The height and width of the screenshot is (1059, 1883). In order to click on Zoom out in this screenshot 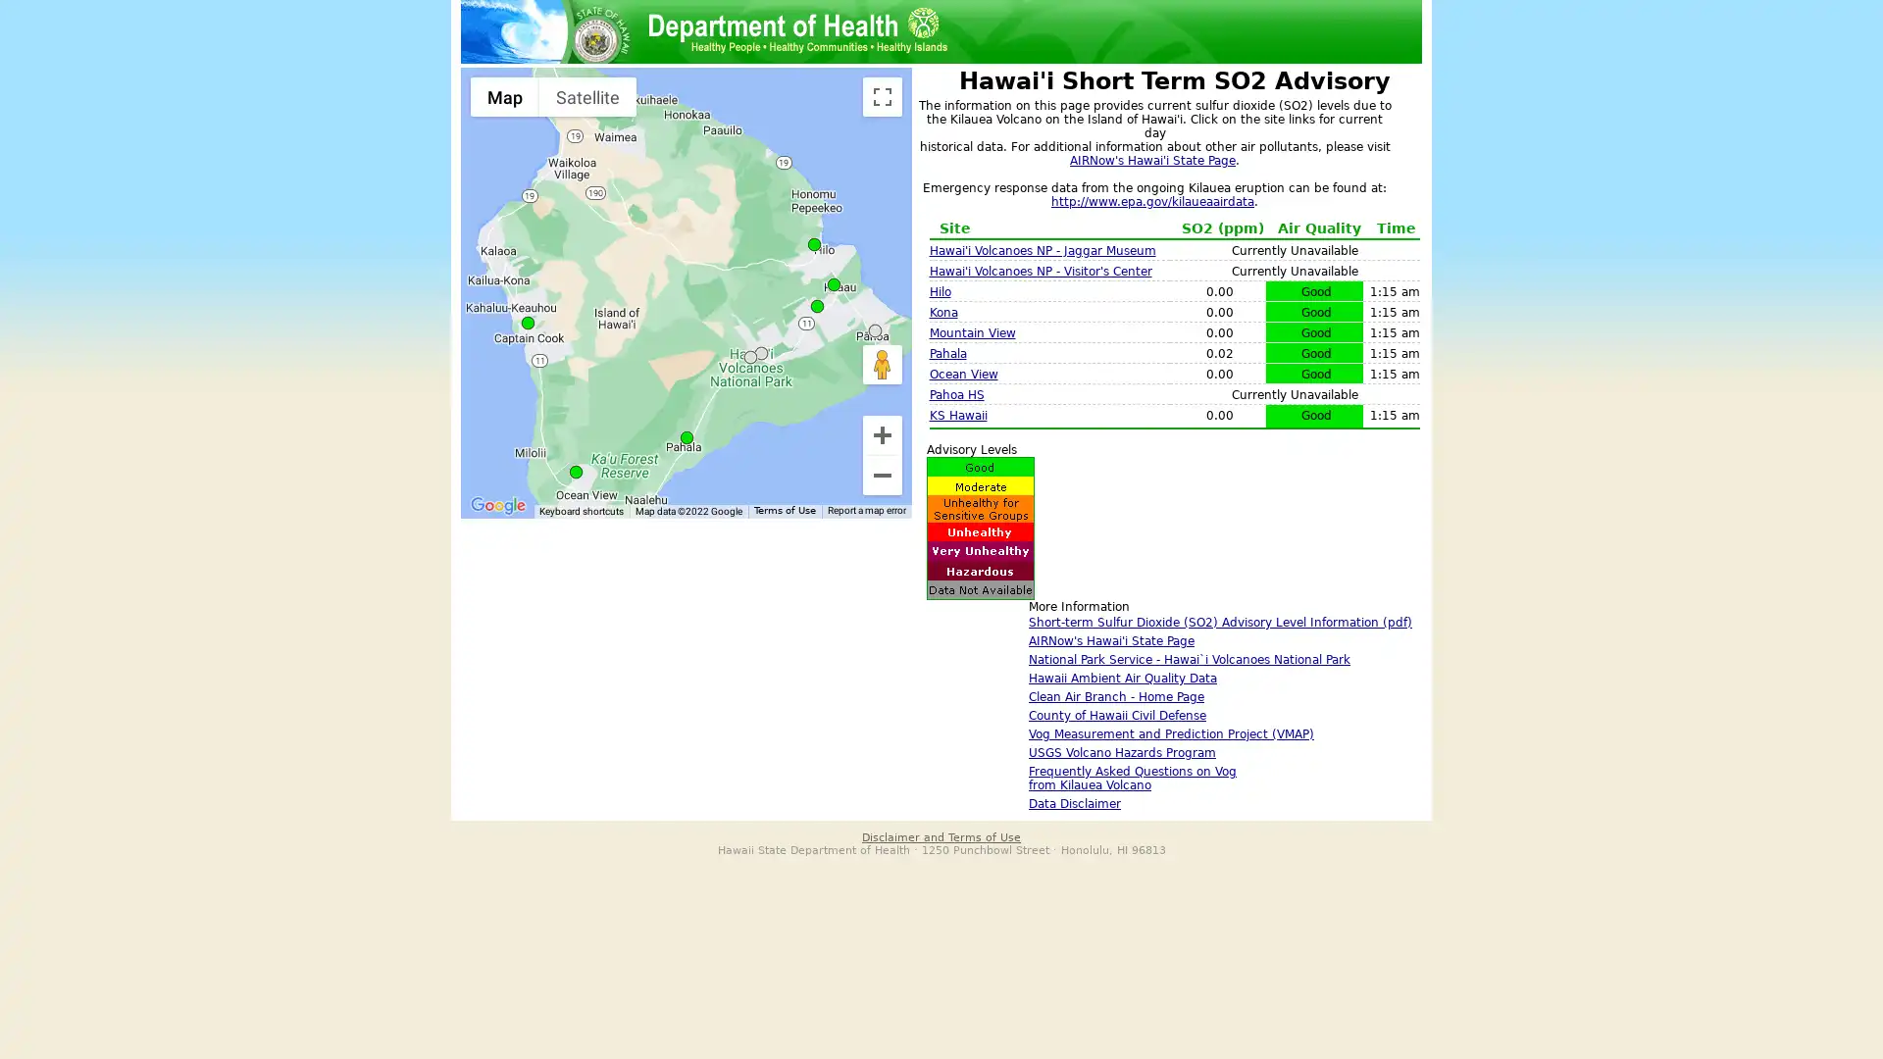, I will do `click(882, 476)`.